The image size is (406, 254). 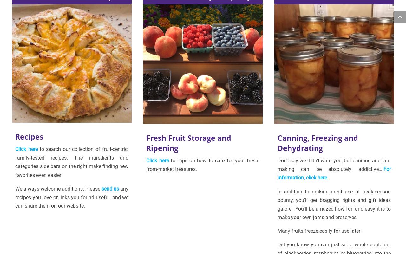 What do you see at coordinates (188, 143) in the screenshot?
I see `'Fresh Fruit Storage and Ripening'` at bounding box center [188, 143].